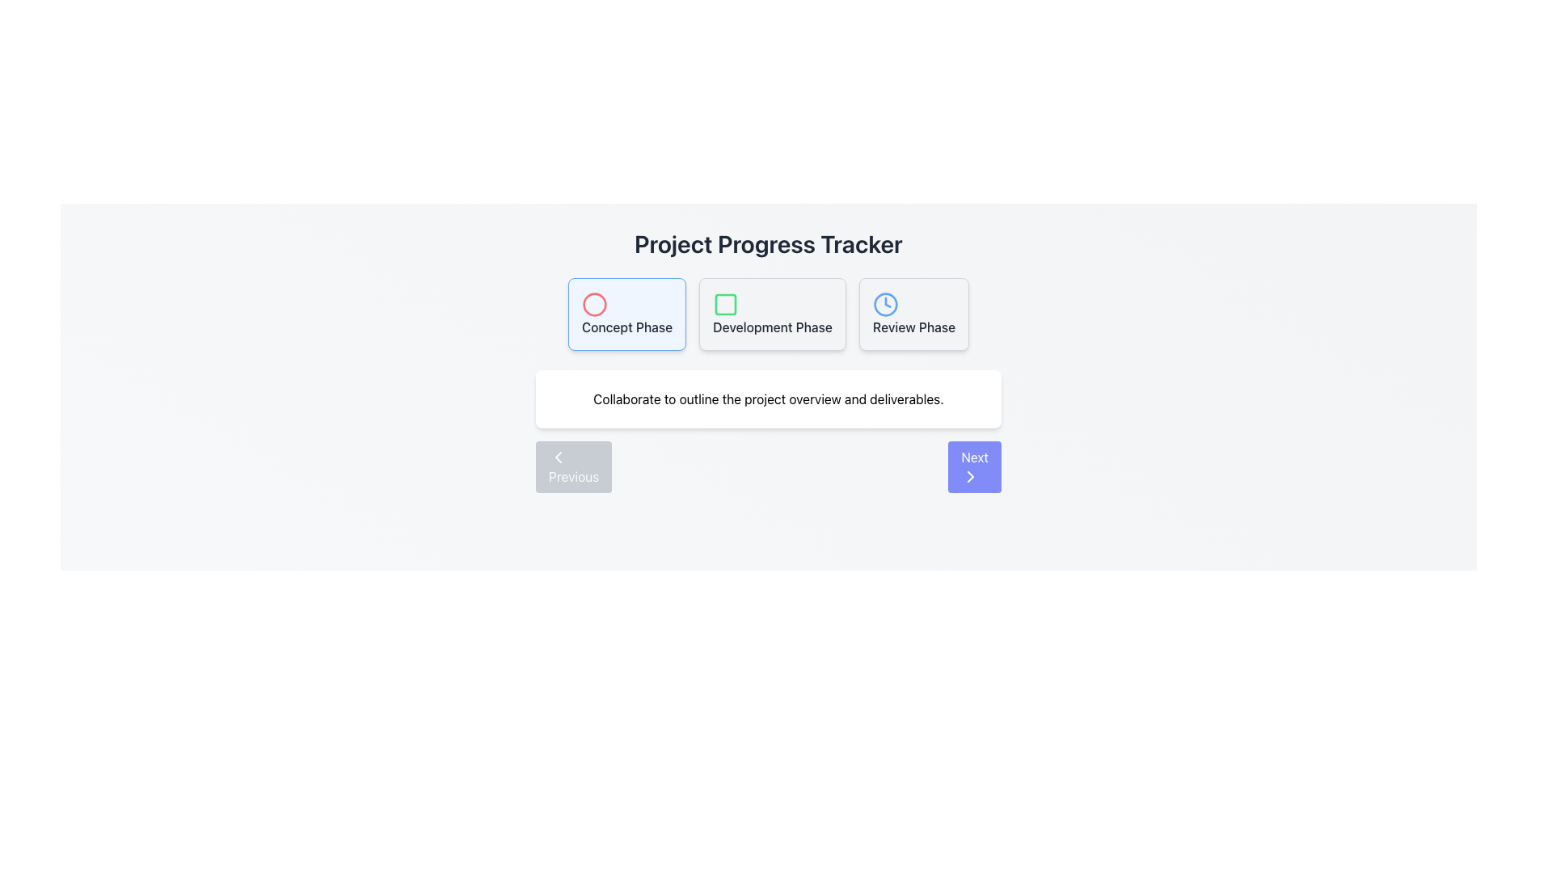 The image size is (1552, 873). Describe the element at coordinates (626, 327) in the screenshot. I see `the text label indicating the current phase in the project progress tracker, which is positioned centrally at the top of the interface and is the first item among similar containers` at that location.